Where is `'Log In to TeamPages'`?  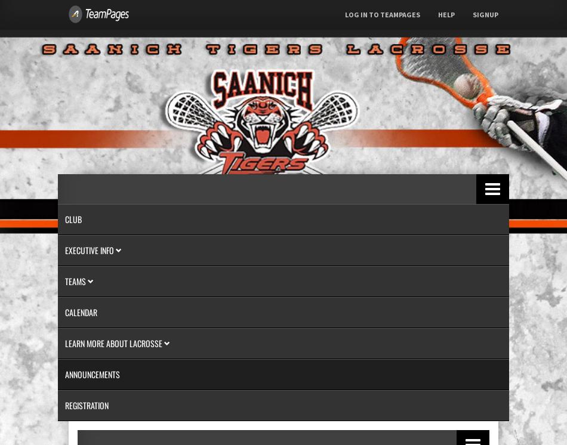 'Log In to TeamPages' is located at coordinates (382, 14).